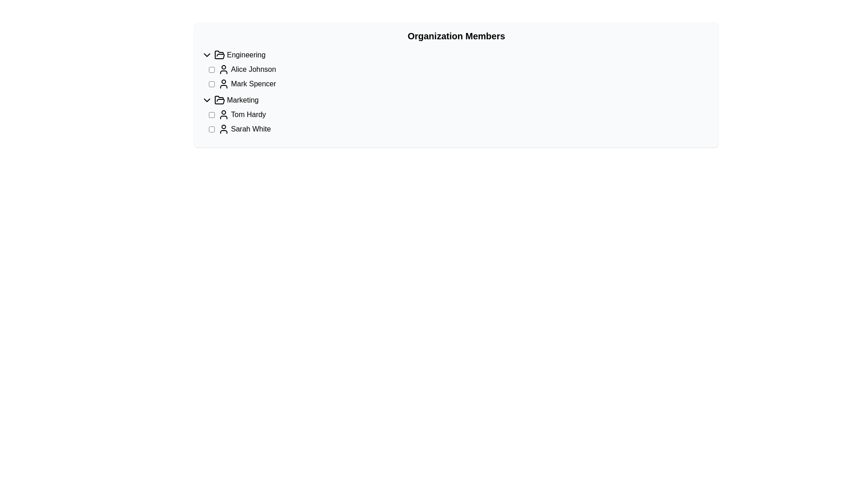  What do you see at coordinates (233, 55) in the screenshot?
I see `the Category header labeled 'Engineering' with a folder icon` at bounding box center [233, 55].